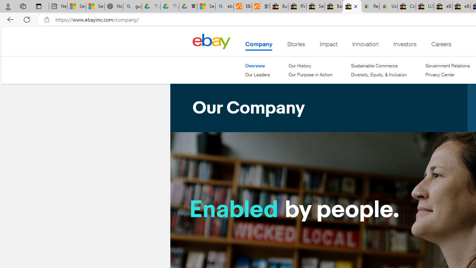 The image size is (476, 268). Describe the element at coordinates (374, 65) in the screenshot. I see `'Sustainable Commerce'` at that location.